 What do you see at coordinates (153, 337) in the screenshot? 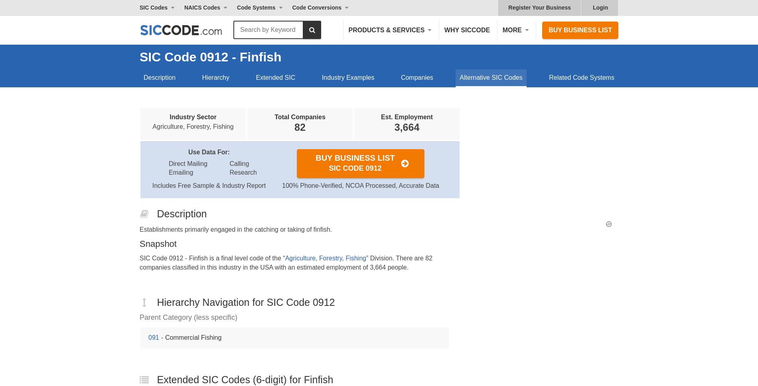
I see `'091'` at bounding box center [153, 337].